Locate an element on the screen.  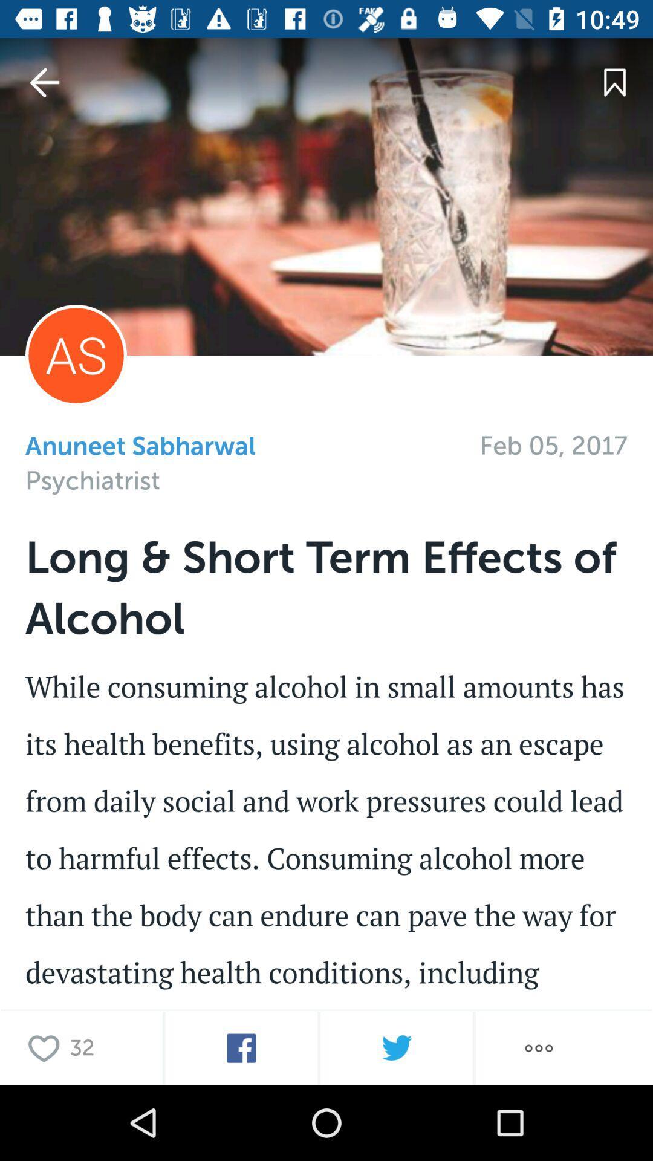
the facebook logo on the web page is located at coordinates (241, 1047).